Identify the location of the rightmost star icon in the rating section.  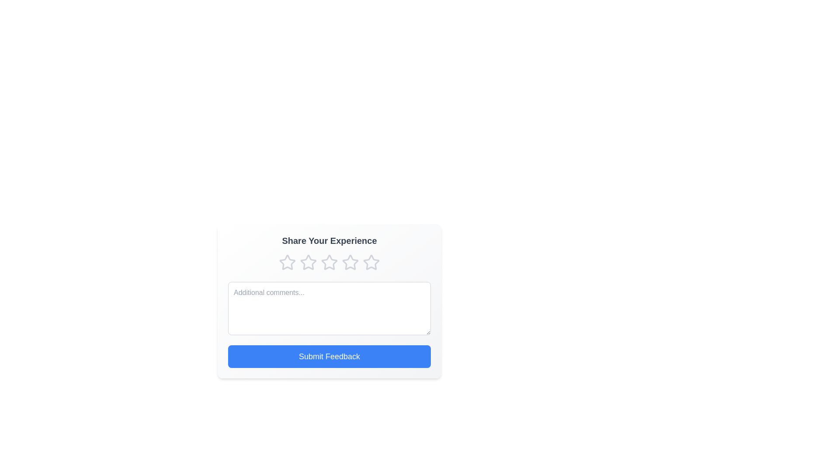
(371, 262).